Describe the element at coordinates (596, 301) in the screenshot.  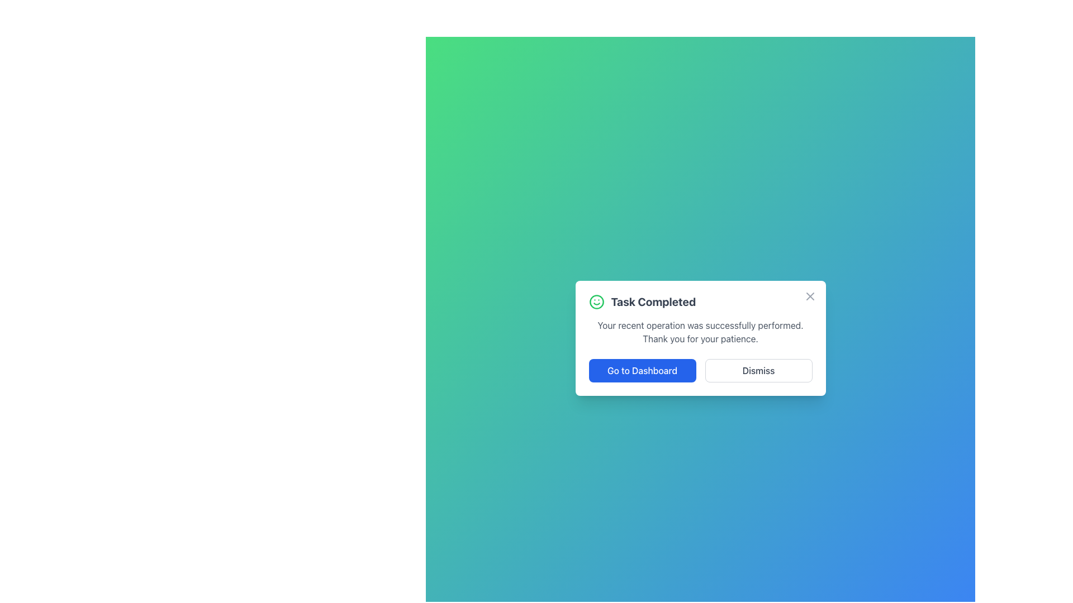
I see `the green circular ring icon representing a stylized face, located in the top-left corner of the confirmation dialog box near the title text 'Task Completed'` at that location.